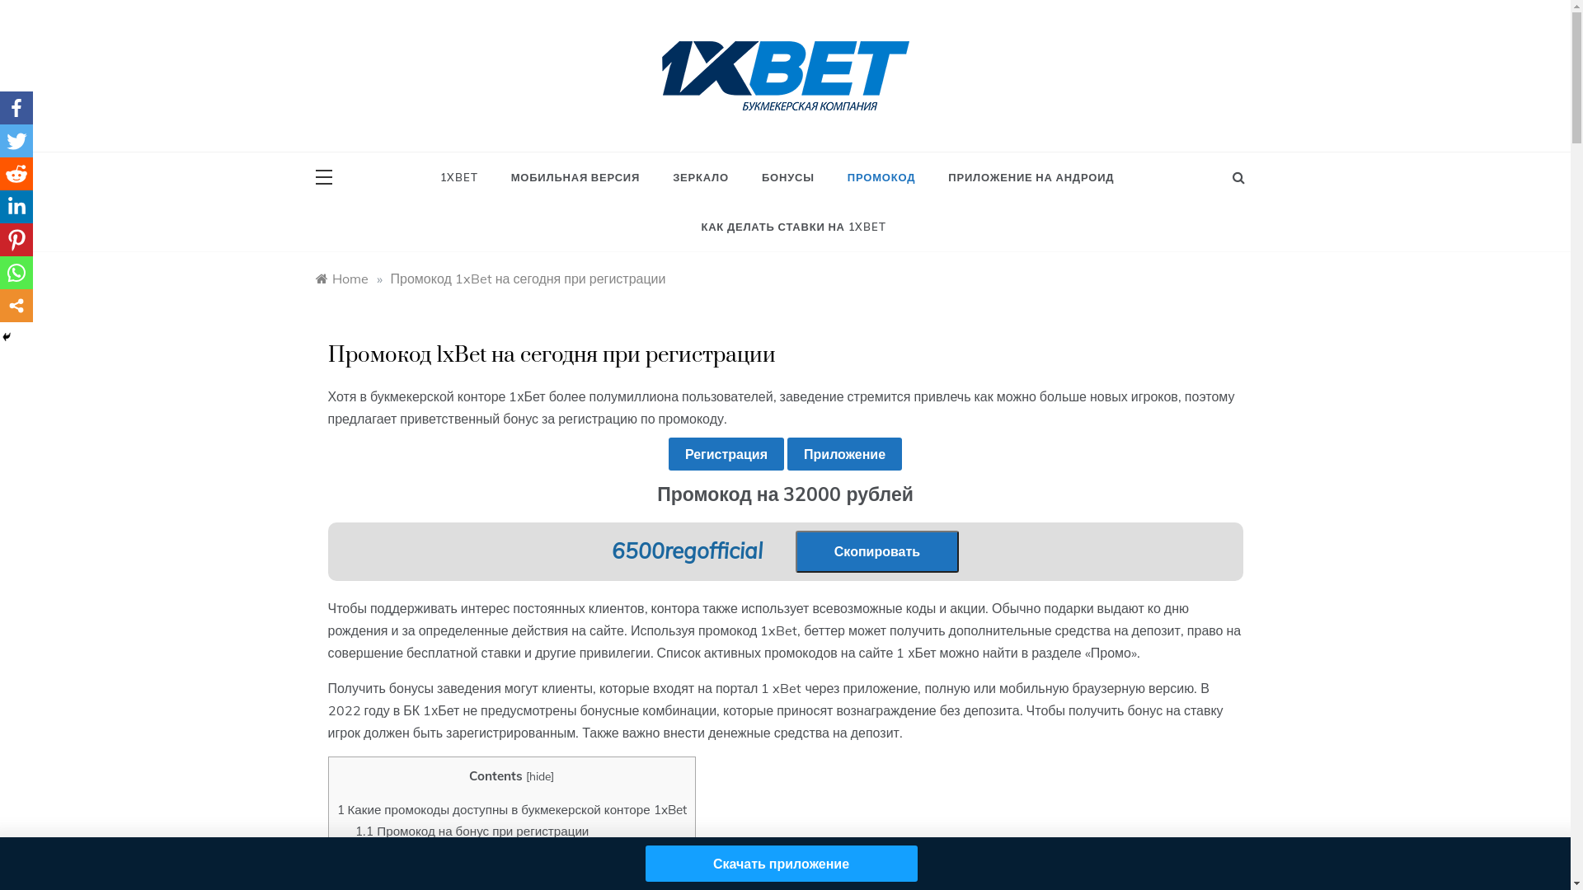 This screenshot has height=890, width=1583. I want to click on '1xbet', so click(691, 125).